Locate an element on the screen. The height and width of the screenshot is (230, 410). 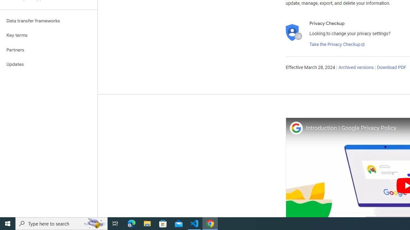
'Archived versions' is located at coordinates (356, 68).